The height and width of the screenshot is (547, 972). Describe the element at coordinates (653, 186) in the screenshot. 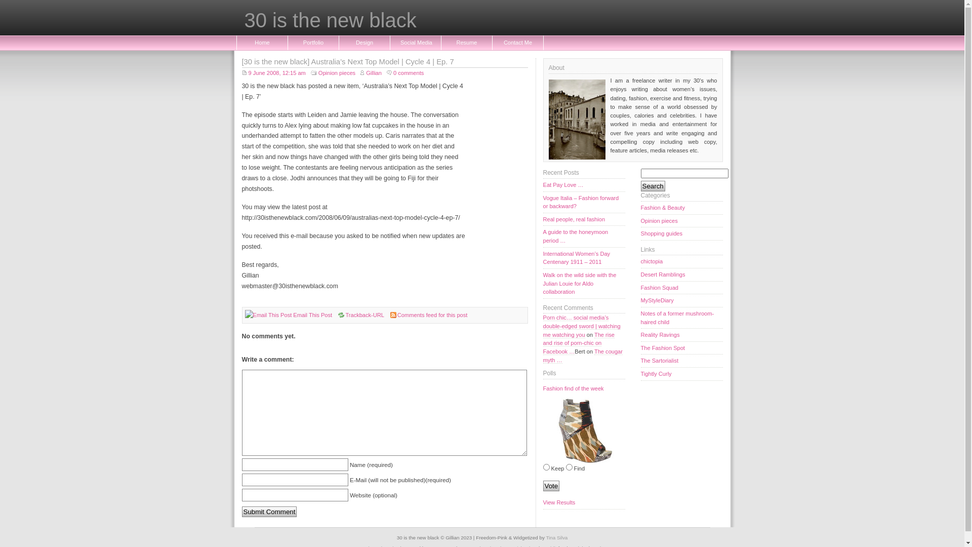

I see `'Search'` at that location.